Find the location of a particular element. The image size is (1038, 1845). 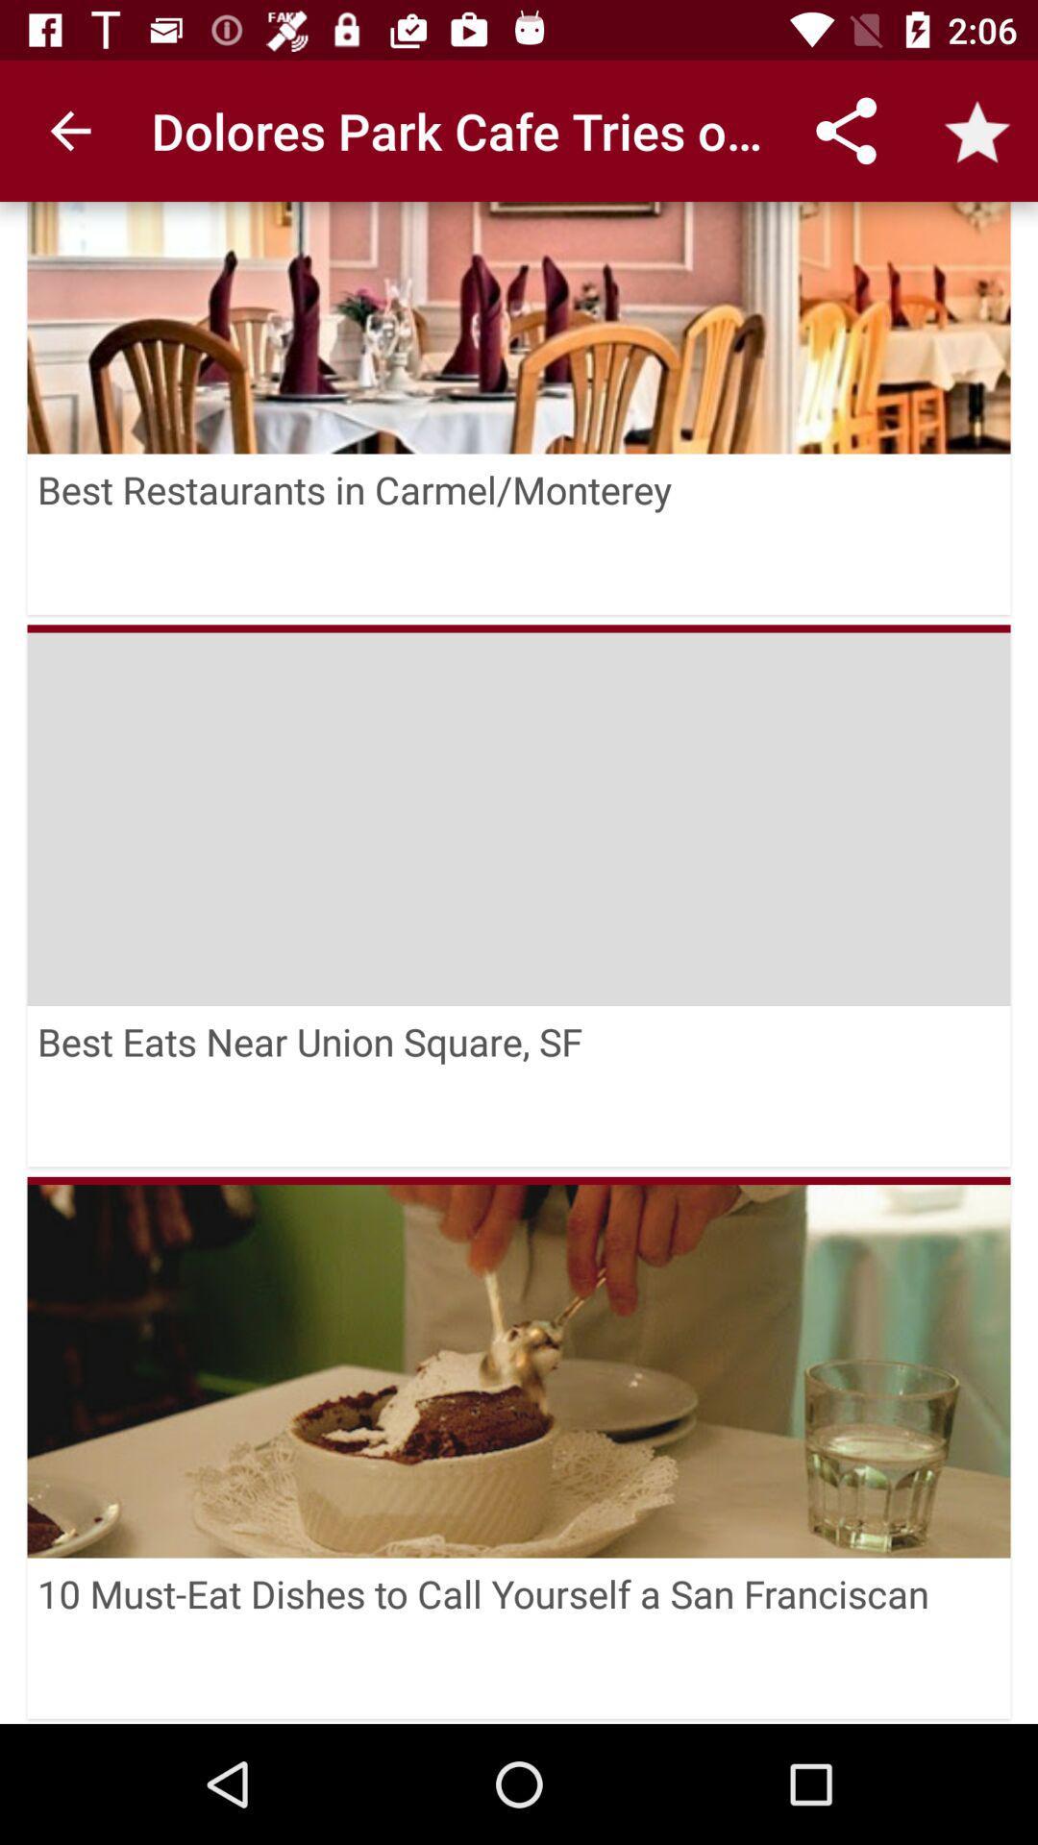

item below the best eats near item is located at coordinates (519, 1366).